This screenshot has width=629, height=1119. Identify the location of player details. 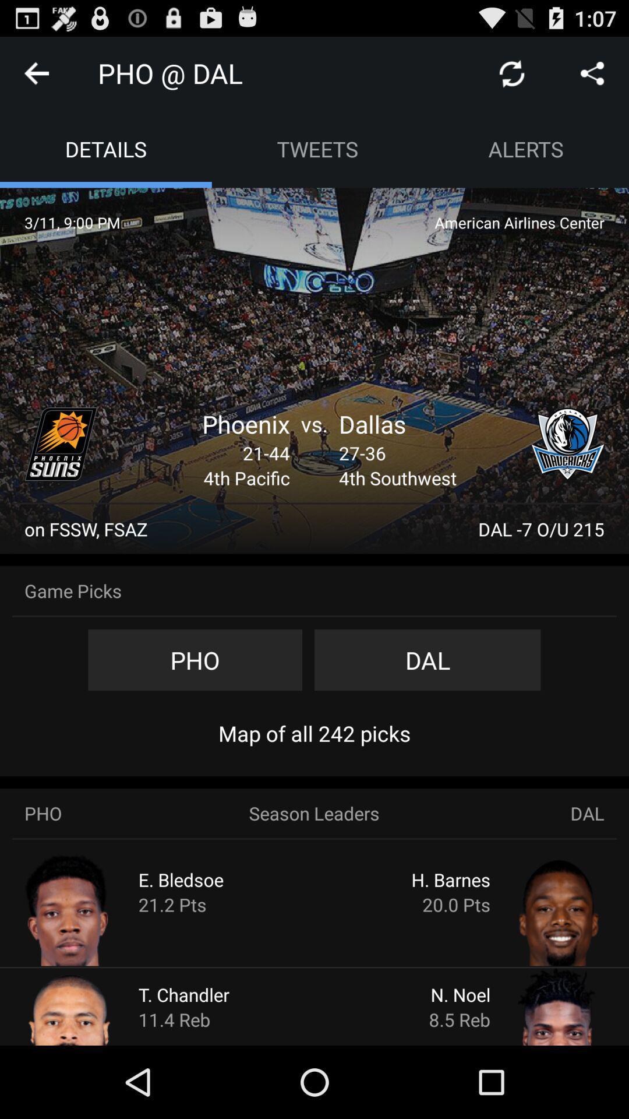
(537, 1005).